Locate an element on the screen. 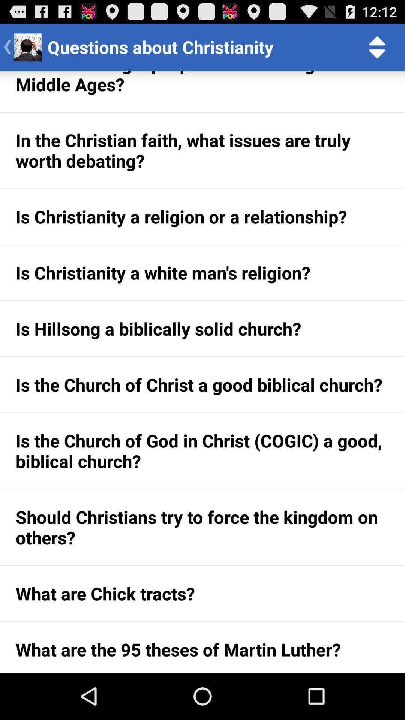 This screenshot has width=405, height=720. the image next to the back button is located at coordinates (27, 46).